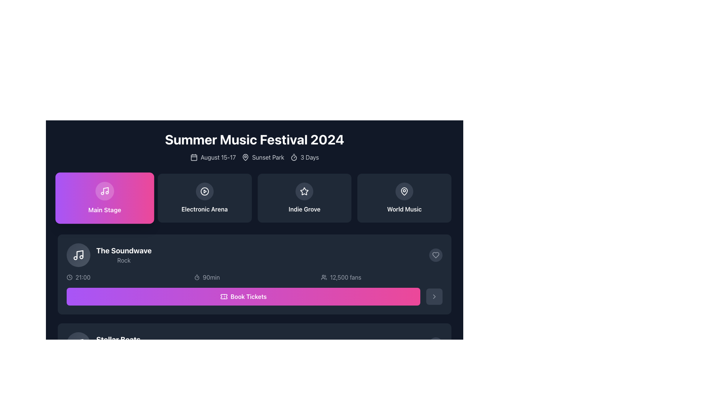  Describe the element at coordinates (404, 191) in the screenshot. I see `the map pin icon in the 'World Music' button, which is the fourth button from the left in the category buttons group below 'Summer Music Festival 2024'` at that location.